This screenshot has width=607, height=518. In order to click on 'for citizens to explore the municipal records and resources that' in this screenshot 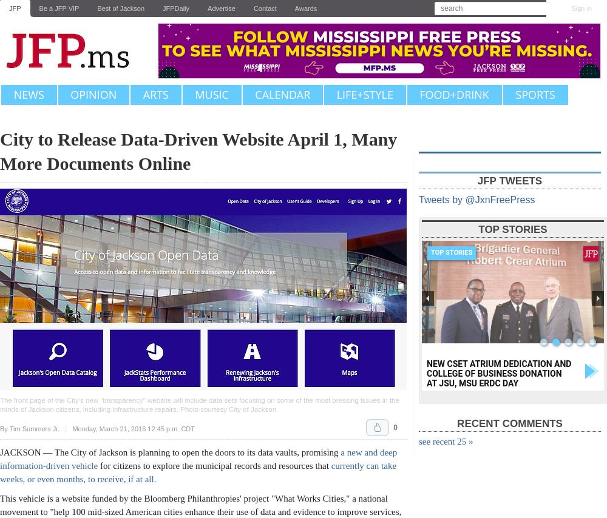, I will do `click(214, 466)`.